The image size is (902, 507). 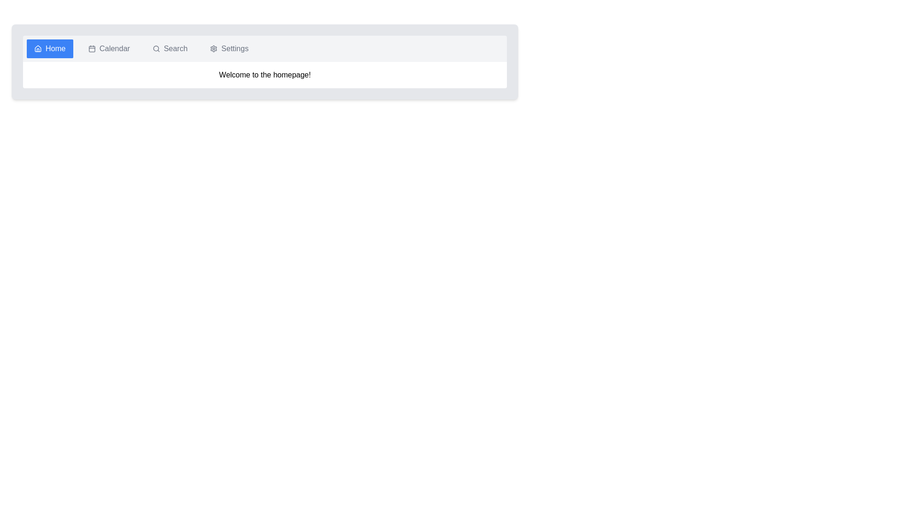 I want to click on the navigation link in the navigation bar at the top of the application, so click(x=264, y=49).